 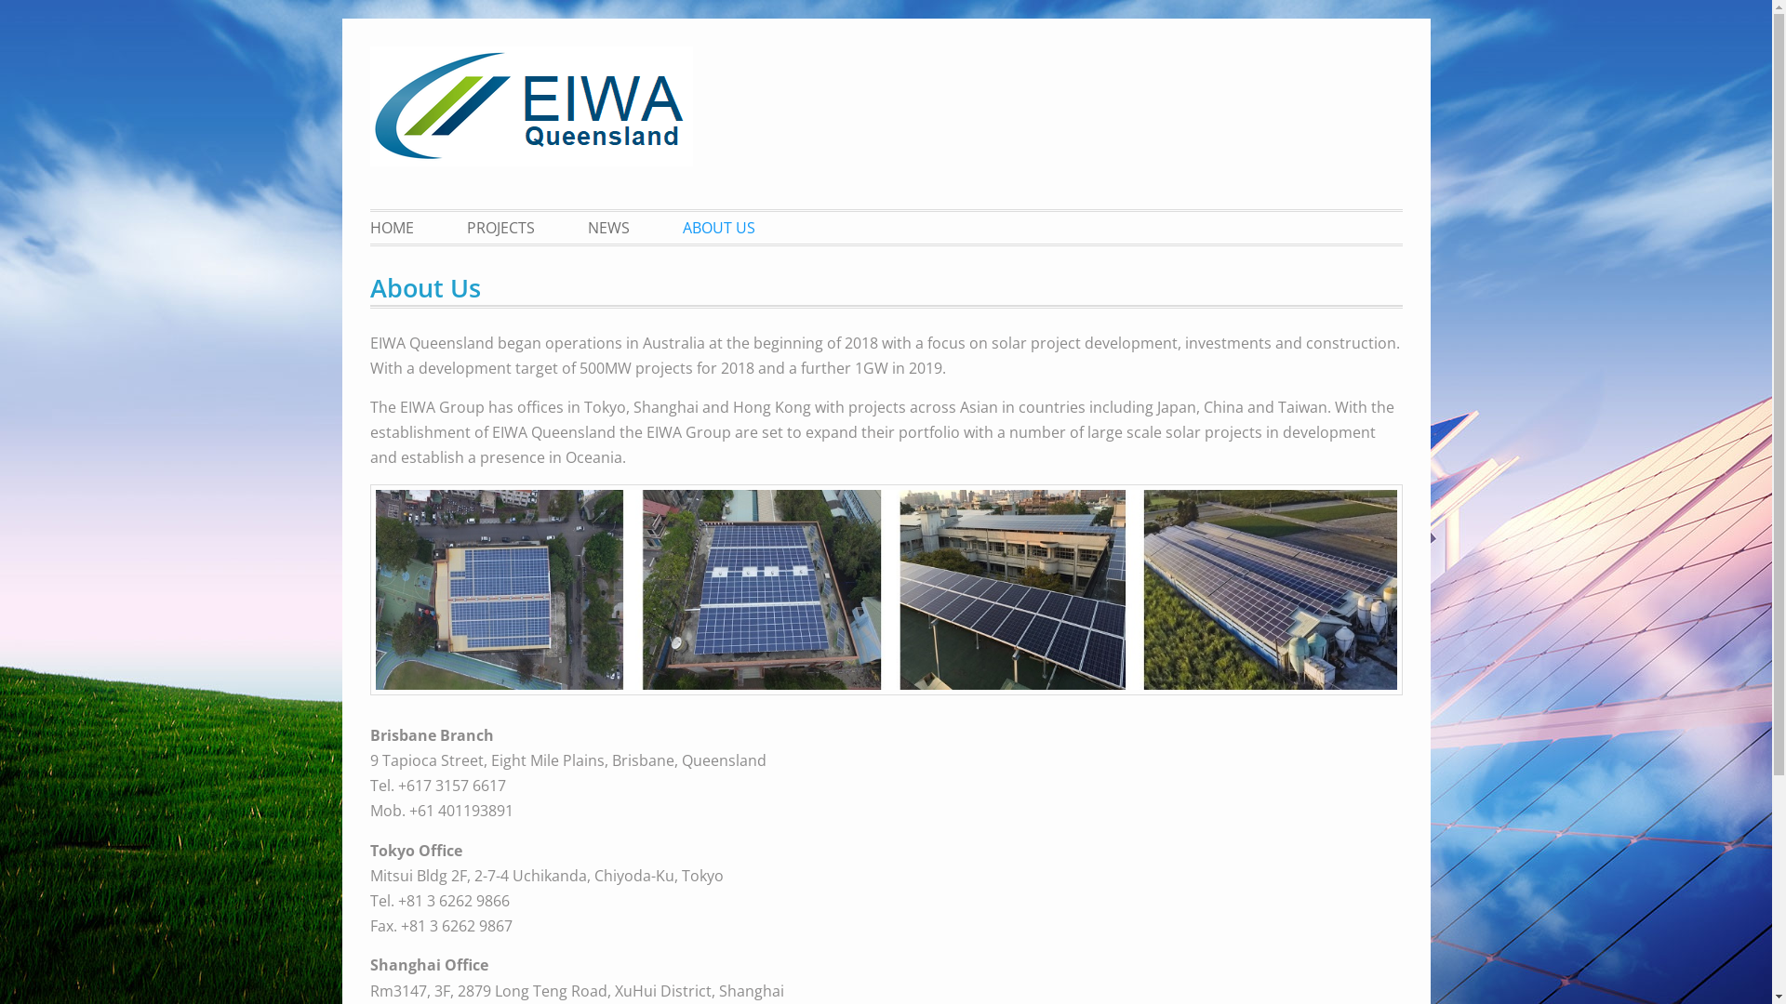 I want to click on 'NEWS', so click(x=607, y=227).